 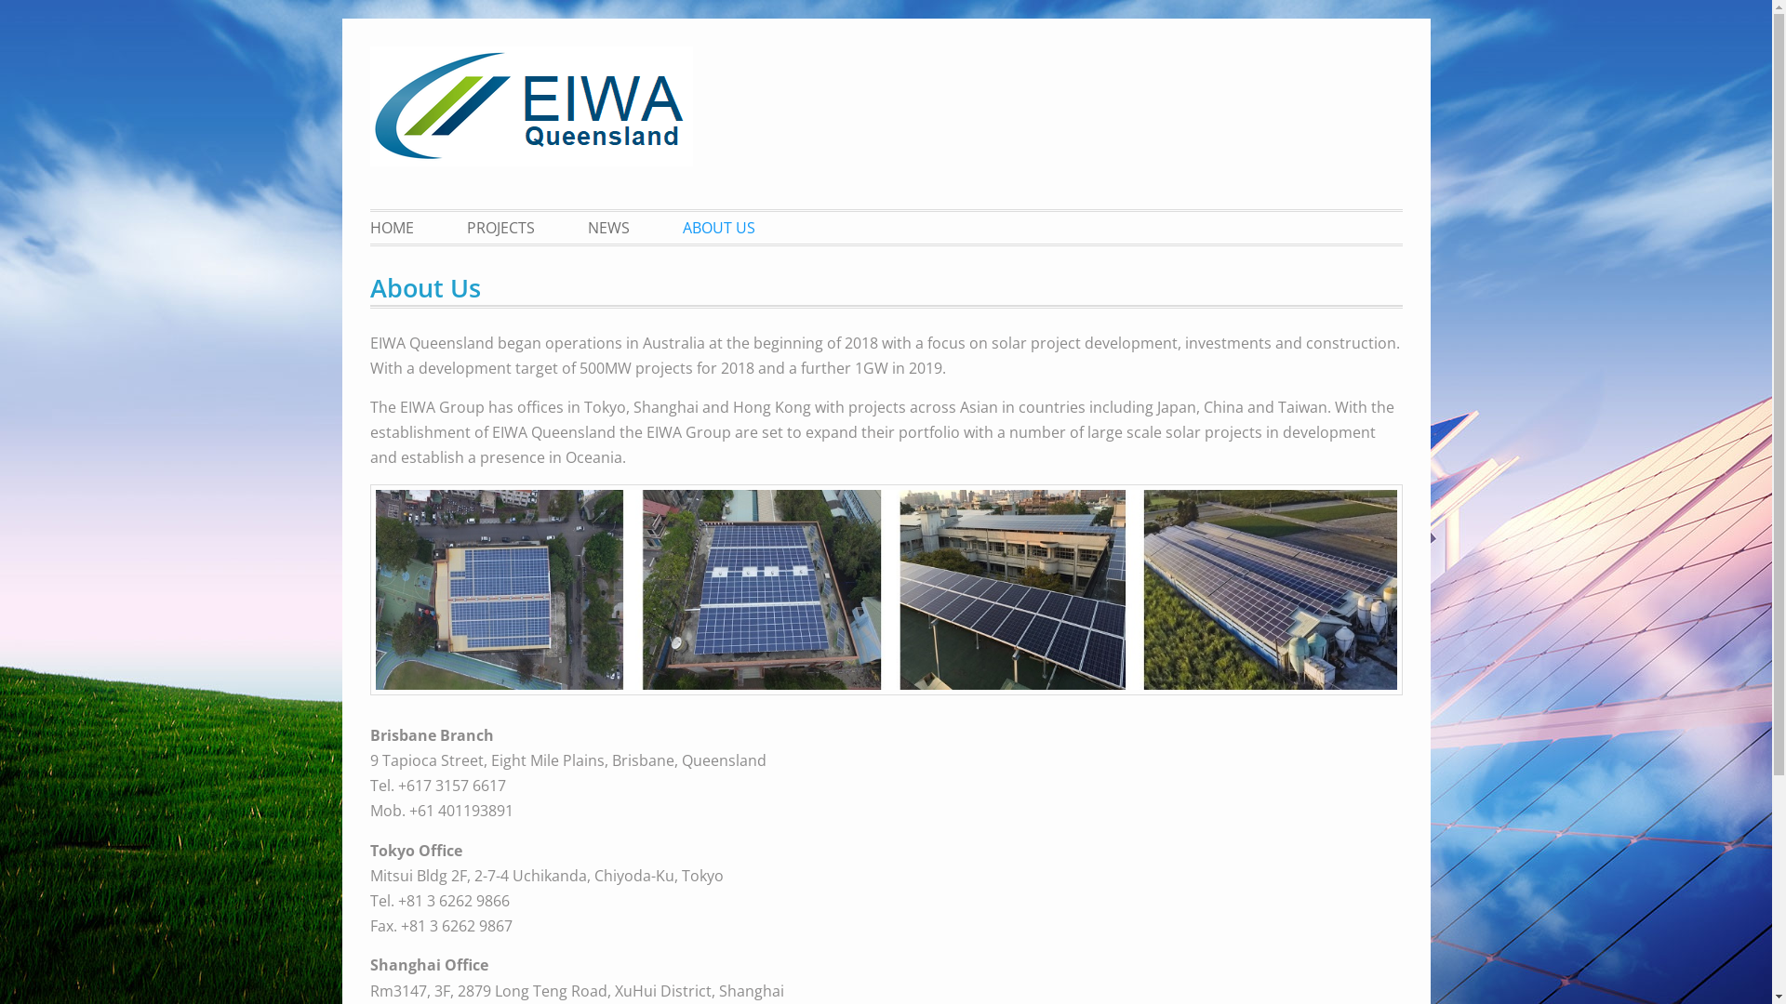 I want to click on 'NEWS', so click(x=607, y=227).